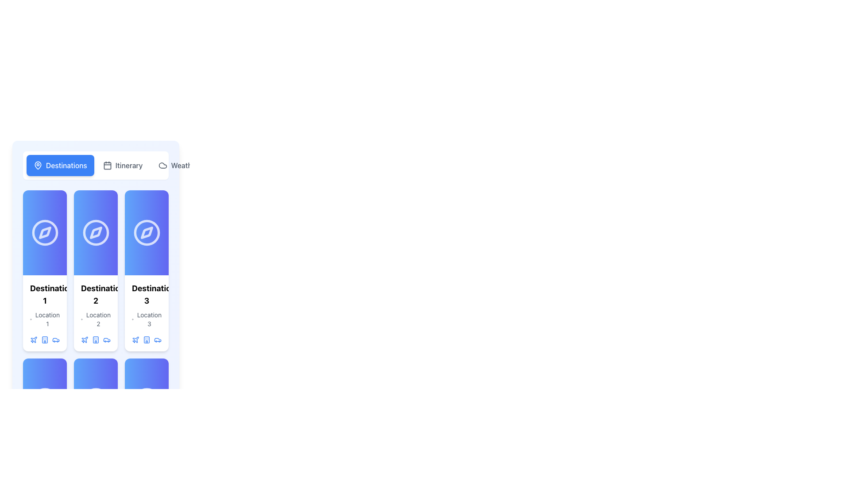  I want to click on the blue outlined plane icon located at the bottom row of the card labeled Destination 3, which is the first icon from the left, so click(135, 339).